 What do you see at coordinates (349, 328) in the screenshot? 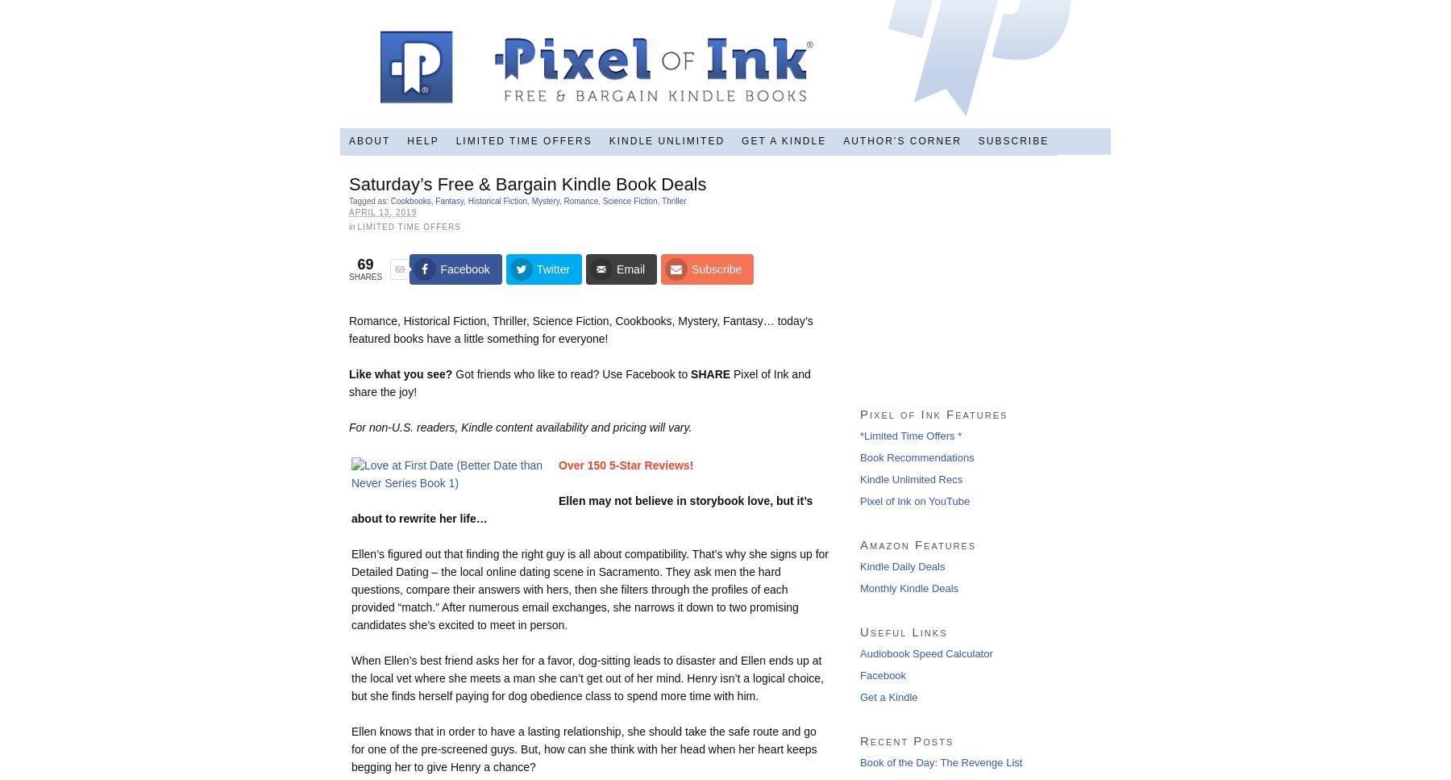
I see `'Romance, Historical Fiction, Thriller, Science Fiction, Cookbooks, Mystery, Fantasy… today’s featured books have a little something for everyone!'` at bounding box center [349, 328].